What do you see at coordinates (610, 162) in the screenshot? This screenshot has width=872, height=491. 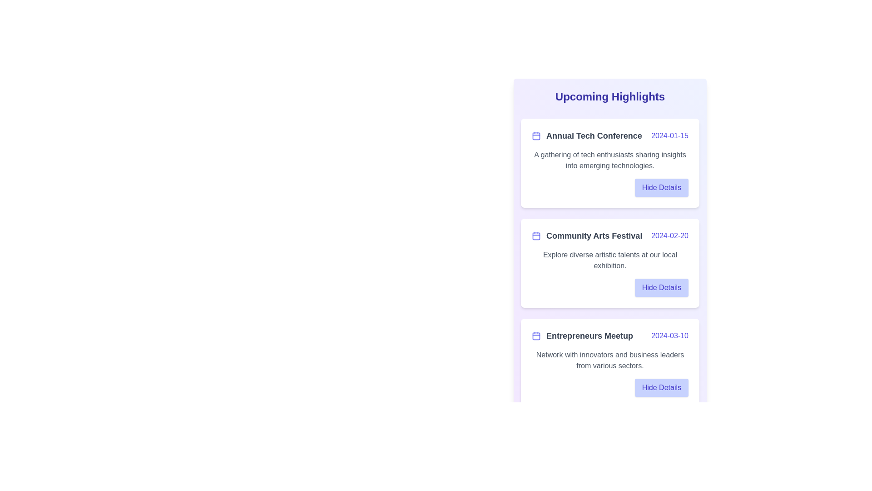 I see `the event list item corresponding to Annual Tech Conference` at bounding box center [610, 162].